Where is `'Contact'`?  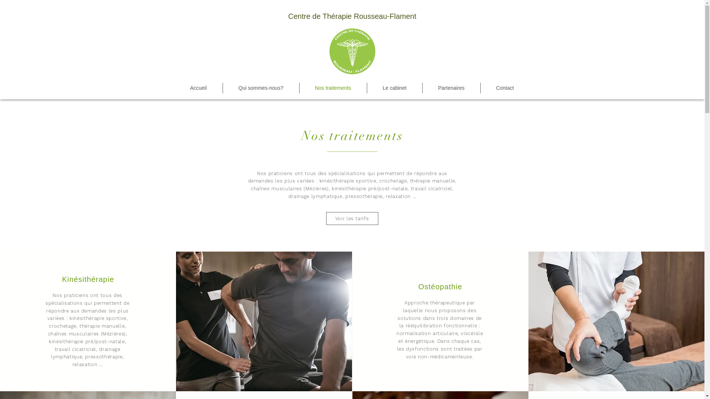 'Contact' is located at coordinates (481, 88).